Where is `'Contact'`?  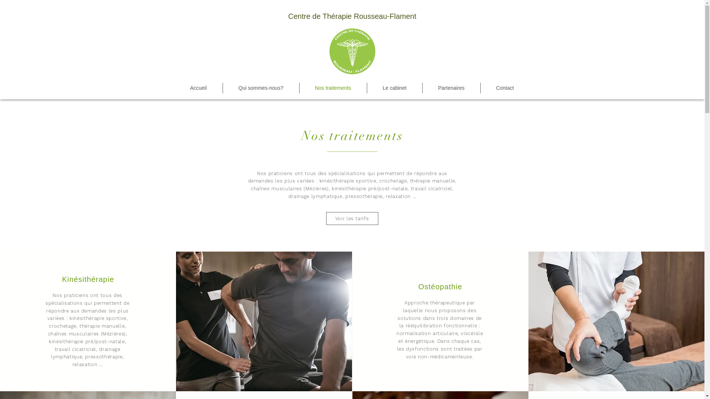 'Contact' is located at coordinates (481, 88).